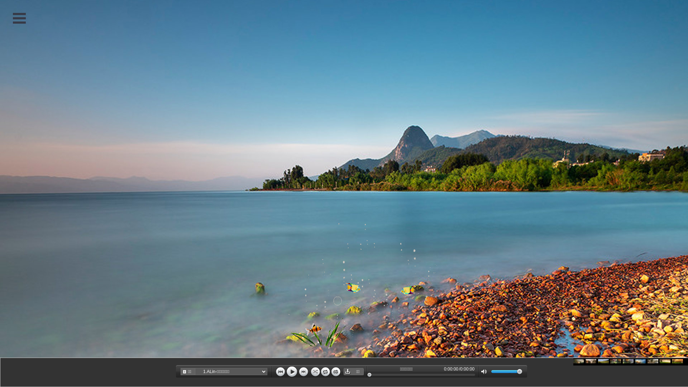 Image resolution: width=688 pixels, height=387 pixels. Describe the element at coordinates (19, 18) in the screenshot. I see `'Open Menu'` at that location.